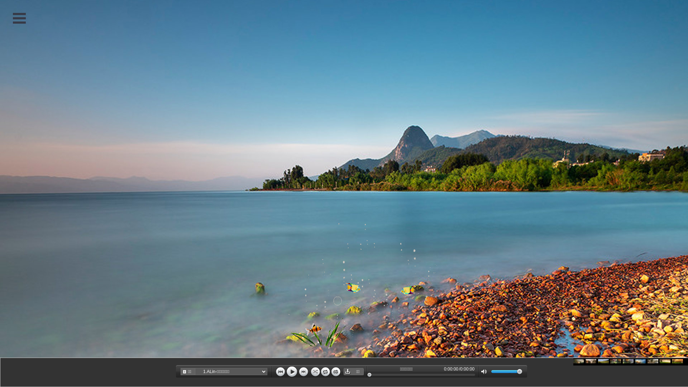 Image resolution: width=688 pixels, height=387 pixels. Describe the element at coordinates (19, 18) in the screenshot. I see `'Open Menu'` at that location.